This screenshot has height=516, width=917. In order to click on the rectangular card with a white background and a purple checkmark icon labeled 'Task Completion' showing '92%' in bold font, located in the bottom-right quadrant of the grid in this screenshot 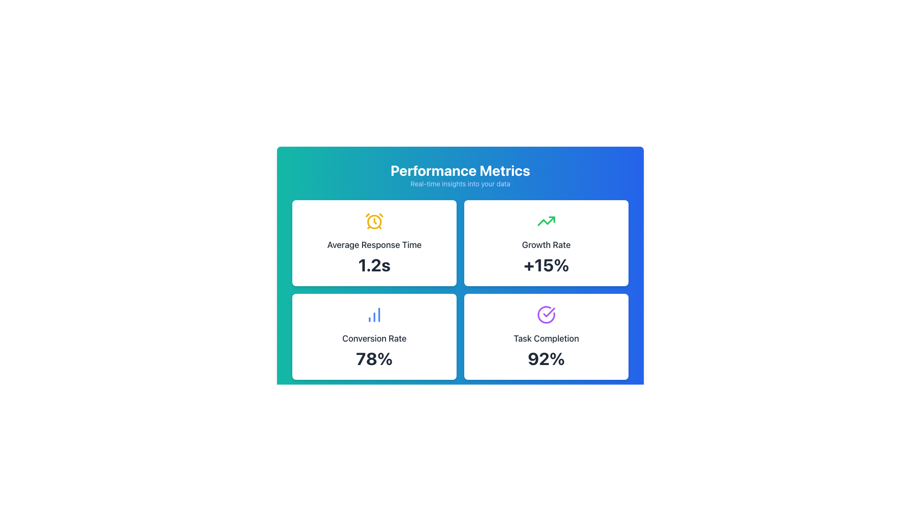, I will do `click(546, 336)`.